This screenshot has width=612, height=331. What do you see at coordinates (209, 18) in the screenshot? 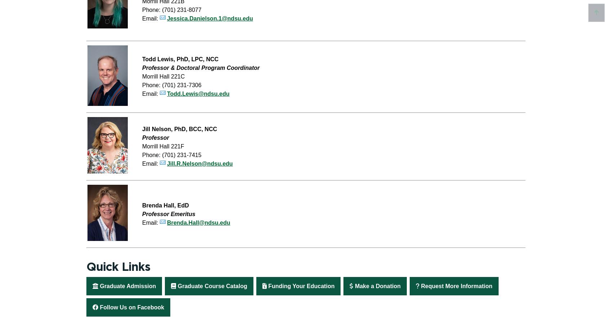
I see `'Jessica.Danielson.1@ndsu.edu'` at bounding box center [209, 18].